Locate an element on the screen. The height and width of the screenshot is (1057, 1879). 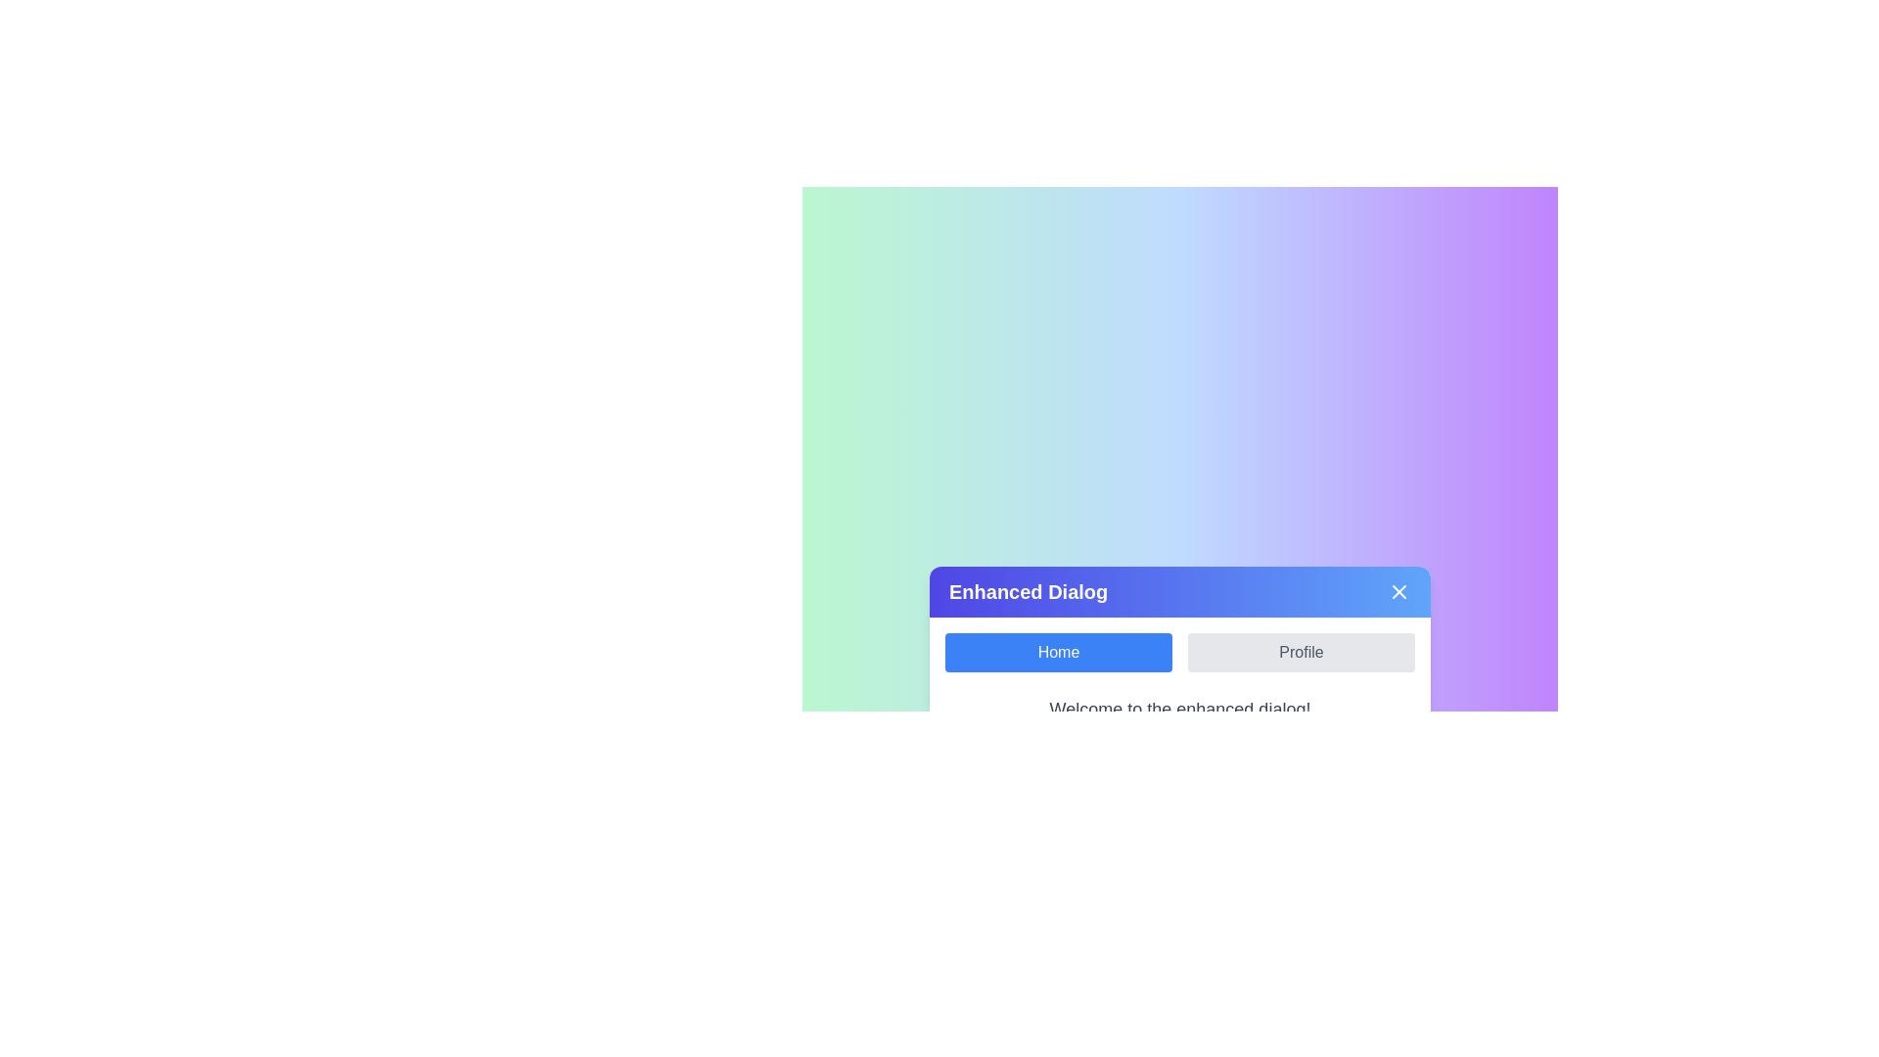
the navigation button located at the bottom of the 'Enhanced Dialog' area is located at coordinates (1057, 653).